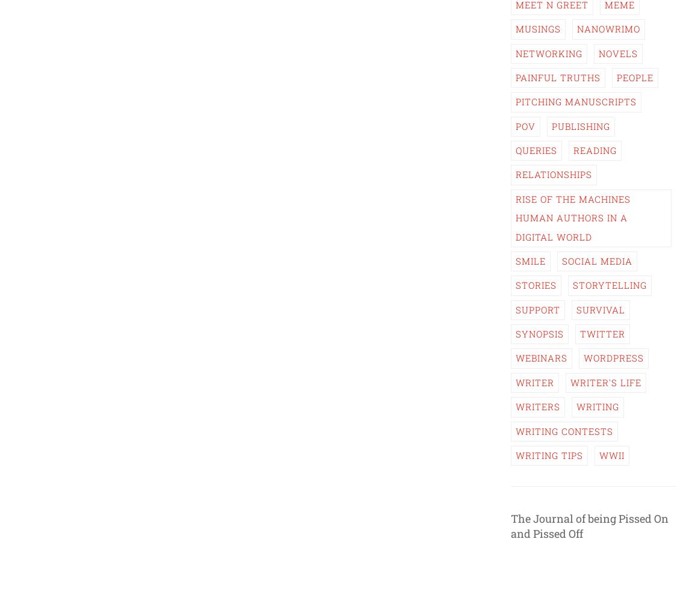 The width and height of the screenshot is (692, 610). I want to click on 'Writing Contests', so click(514, 430).